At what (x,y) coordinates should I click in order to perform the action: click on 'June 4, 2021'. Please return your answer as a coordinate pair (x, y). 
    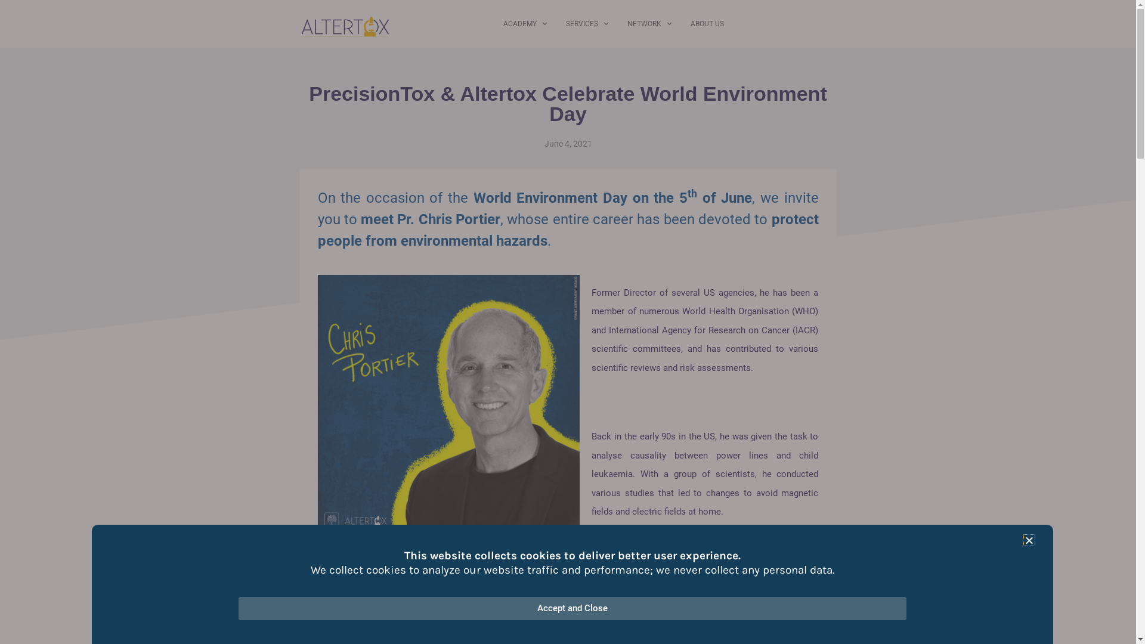
    Looking at the image, I should click on (567, 143).